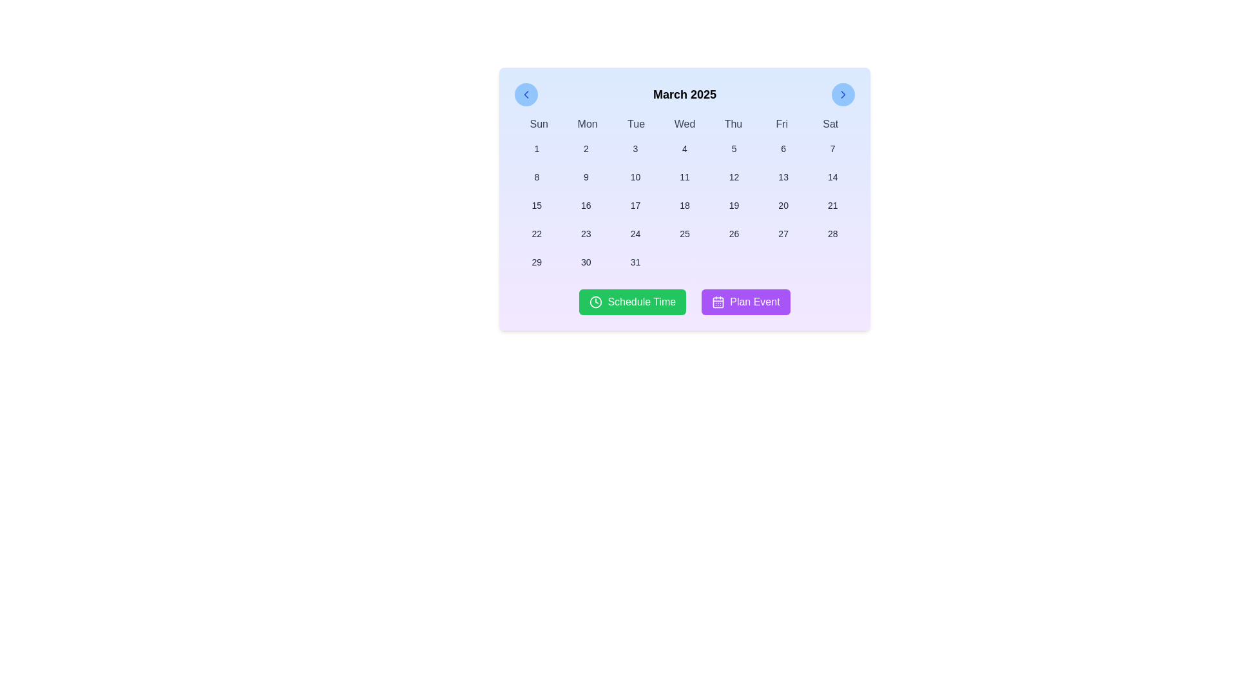 The image size is (1237, 696). I want to click on the date in the calendar grid for March 2025, so click(684, 205).